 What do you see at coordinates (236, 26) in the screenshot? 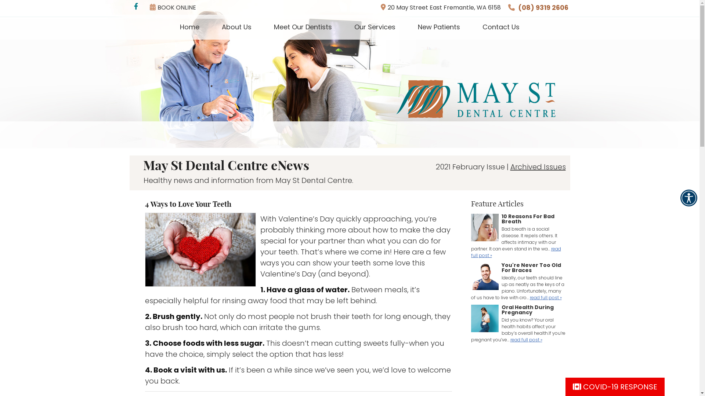
I see `'About Us'` at bounding box center [236, 26].